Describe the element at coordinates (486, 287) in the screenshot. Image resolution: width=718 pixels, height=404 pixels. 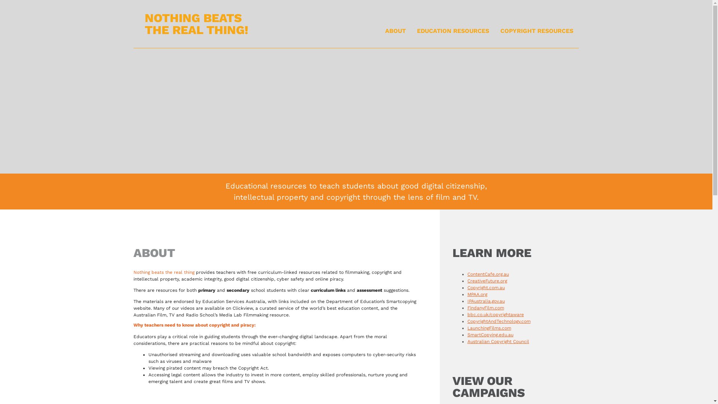
I see `'Copyright.com.au'` at that location.